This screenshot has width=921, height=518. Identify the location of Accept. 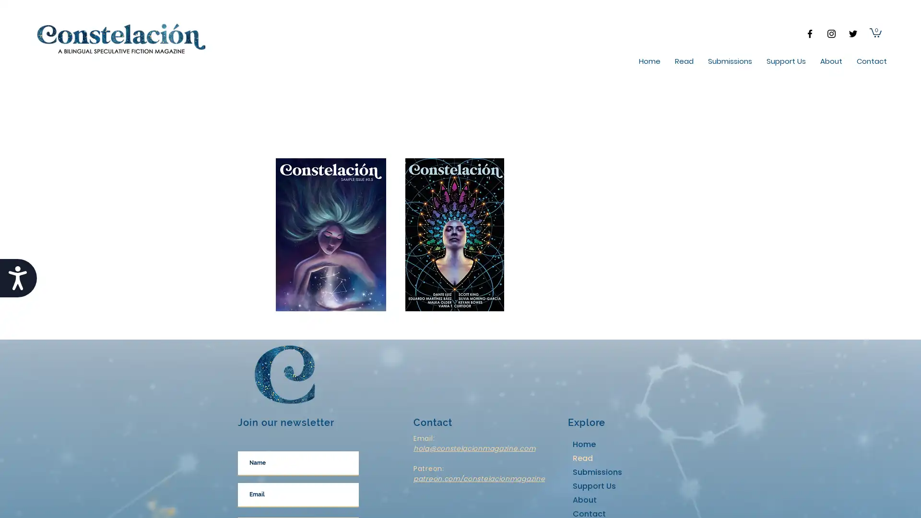
(878, 501).